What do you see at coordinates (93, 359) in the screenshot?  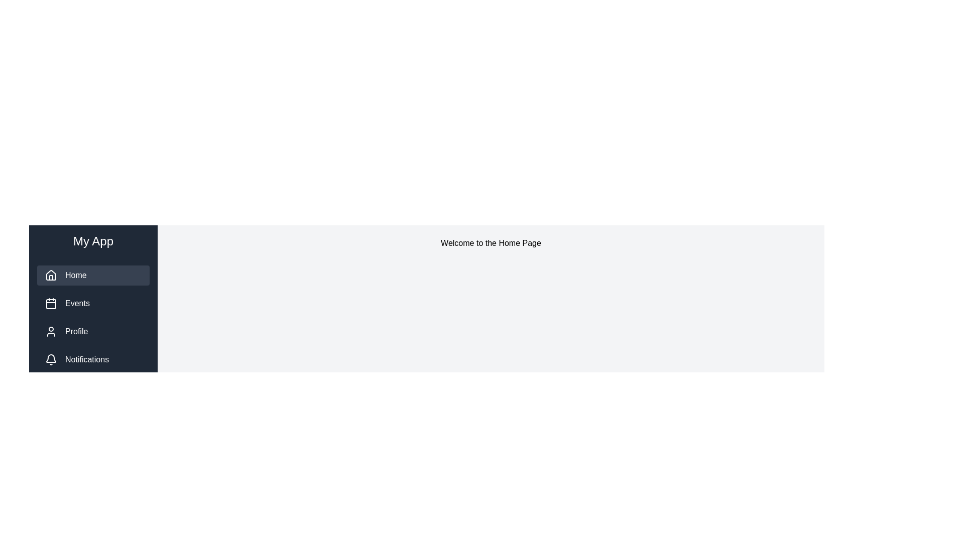 I see `the Navigation menu item labeled 'Notifications', which features a bell icon and white text on a dark blue background` at bounding box center [93, 359].